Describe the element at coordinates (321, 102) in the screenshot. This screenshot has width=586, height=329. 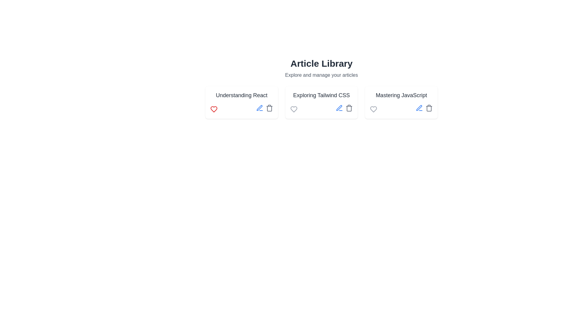
I see `the interactive card summarizing 'Exploring Tailwind CSS'` at that location.